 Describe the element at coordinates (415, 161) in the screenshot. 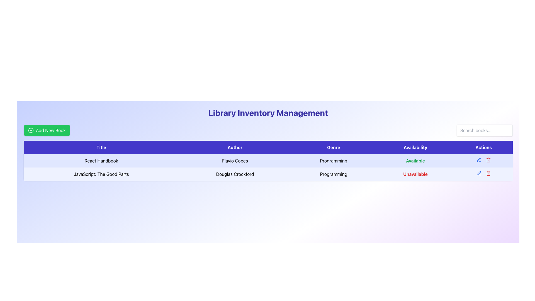

I see `the 'Available' text label in the 'Availability' column of the data table for the 'React Handbook' book entry` at that location.